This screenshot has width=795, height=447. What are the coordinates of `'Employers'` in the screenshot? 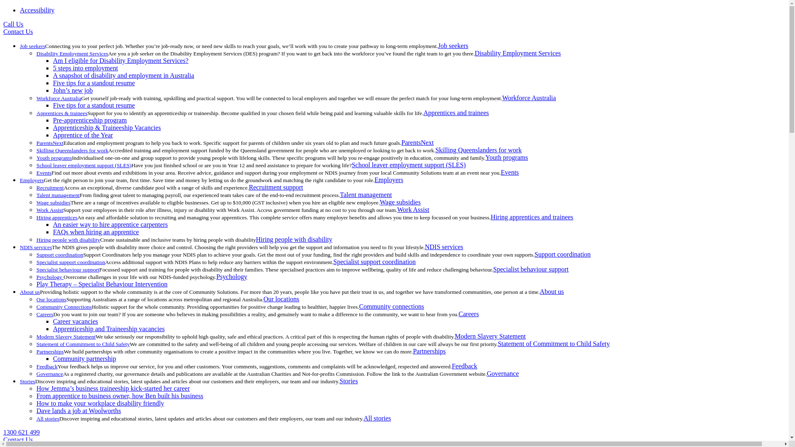 It's located at (31, 180).